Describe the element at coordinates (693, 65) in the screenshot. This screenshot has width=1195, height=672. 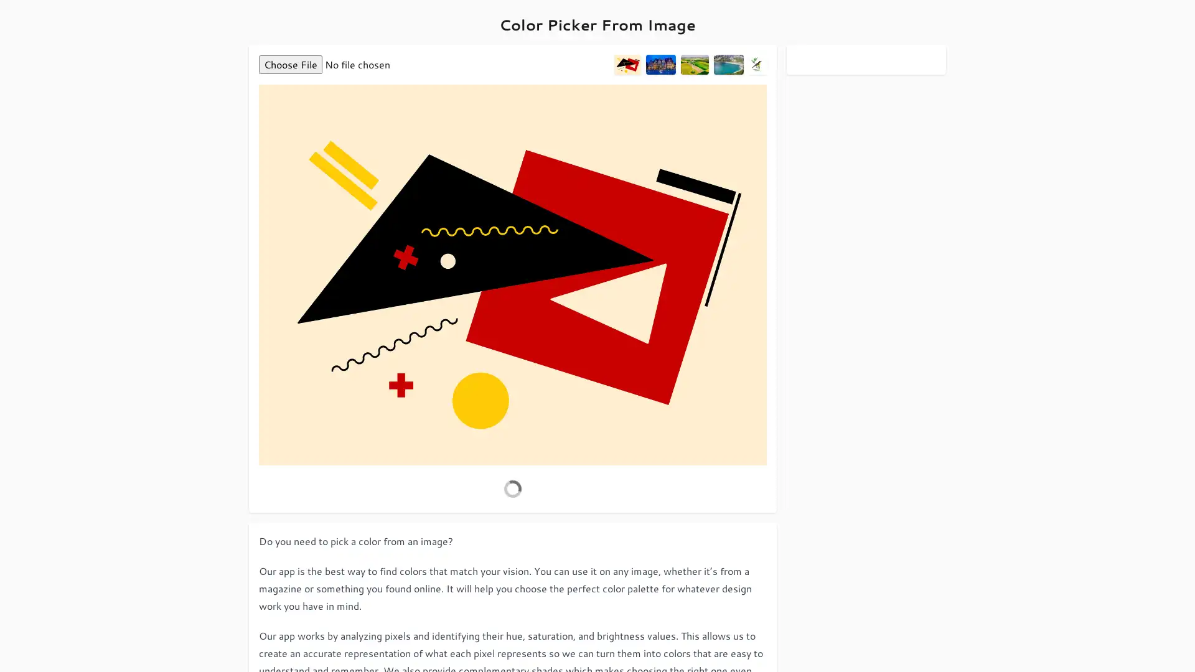
I see `example image` at that location.